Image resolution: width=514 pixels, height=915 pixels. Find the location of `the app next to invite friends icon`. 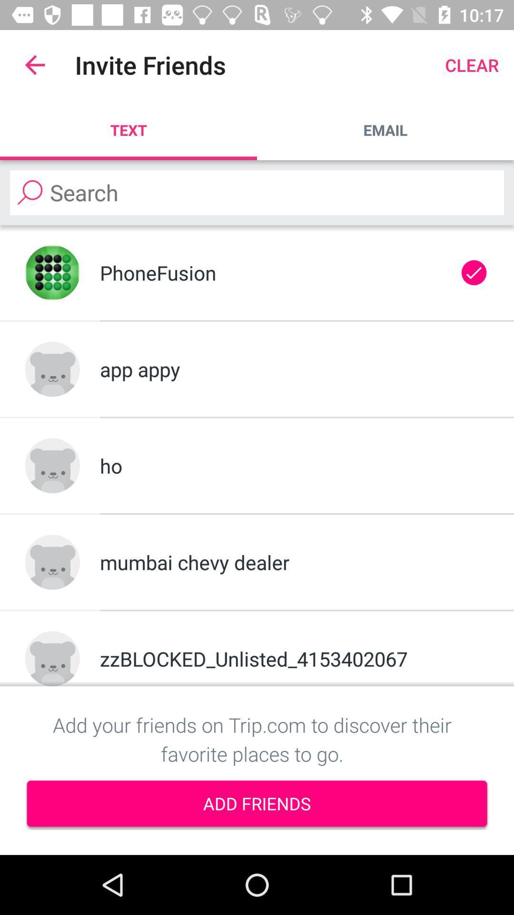

the app next to invite friends icon is located at coordinates (34, 64).